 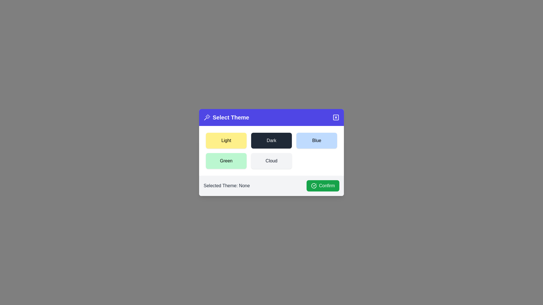 I want to click on the theme Blue from the available options, so click(x=316, y=140).